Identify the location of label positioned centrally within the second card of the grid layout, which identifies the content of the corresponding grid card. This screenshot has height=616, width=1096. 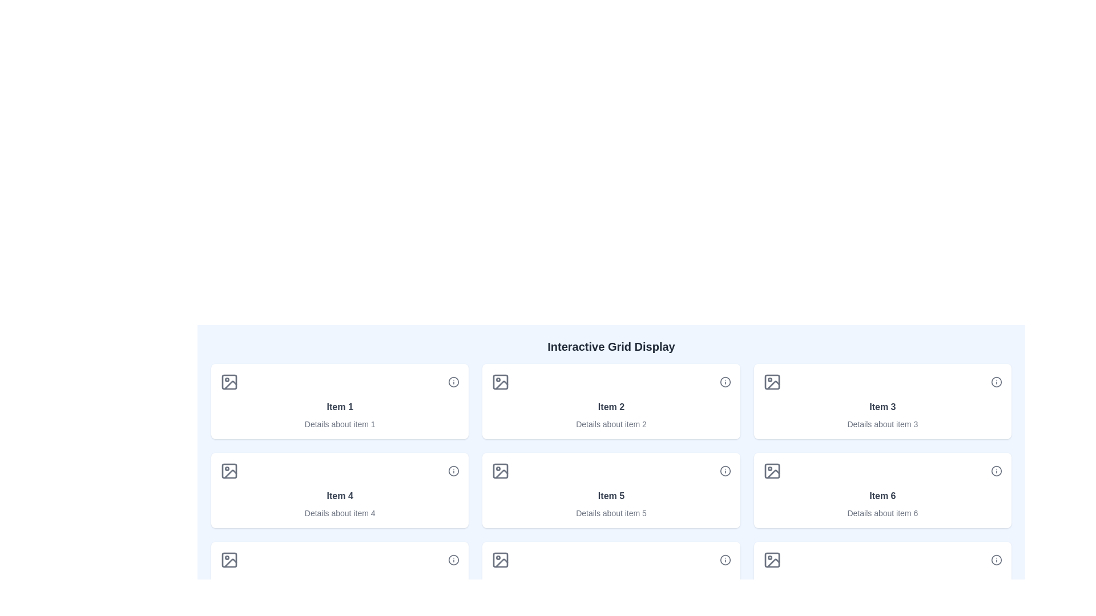
(610, 406).